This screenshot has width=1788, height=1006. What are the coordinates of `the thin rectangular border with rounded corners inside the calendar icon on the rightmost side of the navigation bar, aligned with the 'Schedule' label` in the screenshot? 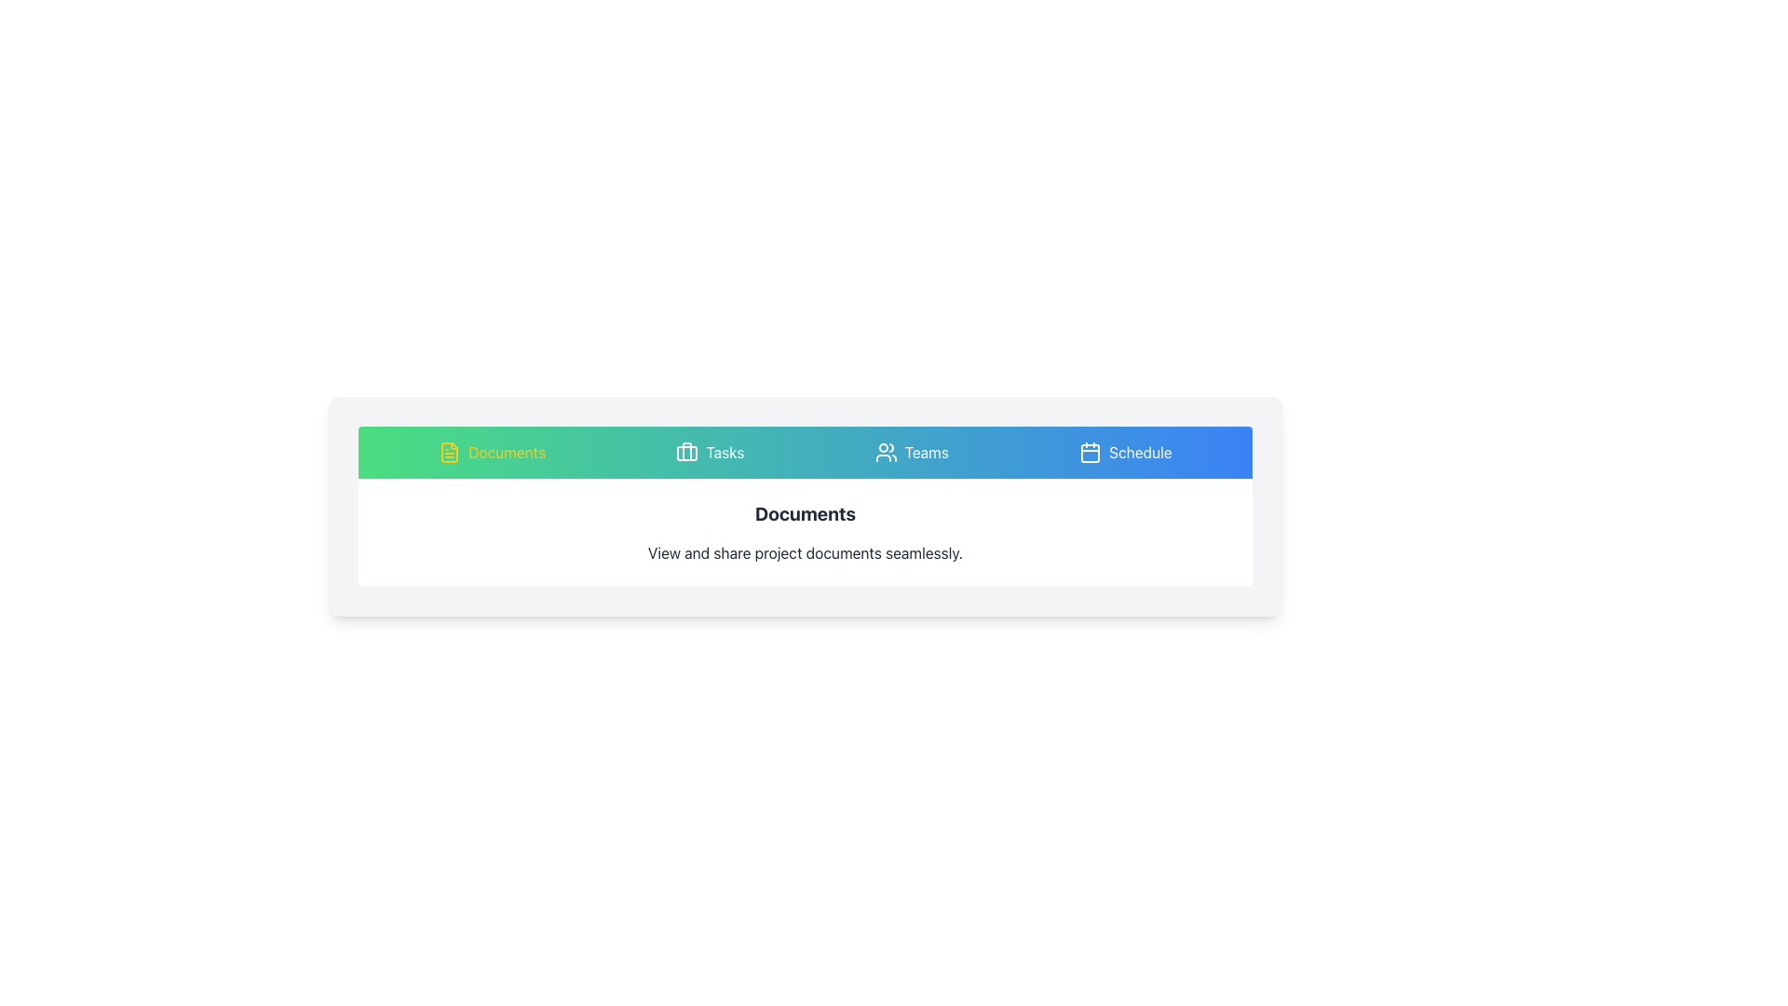 It's located at (1090, 453).